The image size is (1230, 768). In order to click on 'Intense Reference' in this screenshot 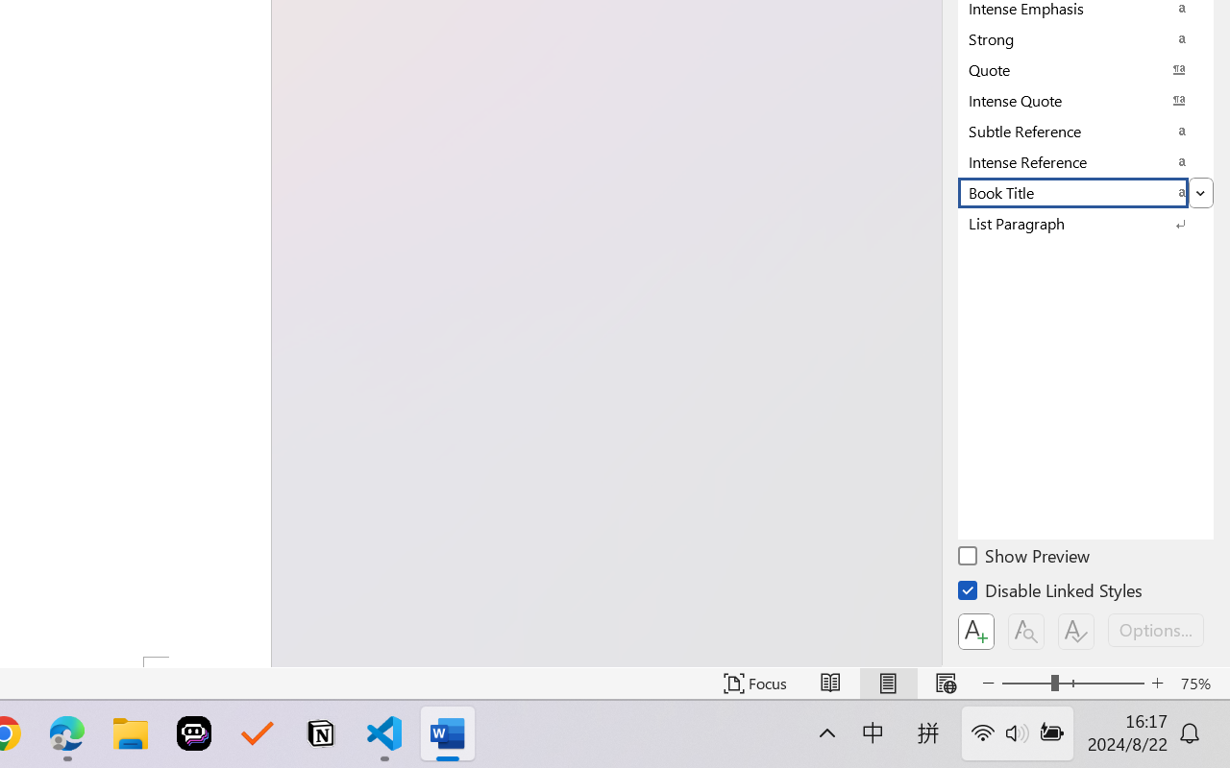, I will do `click(1086, 160)`.